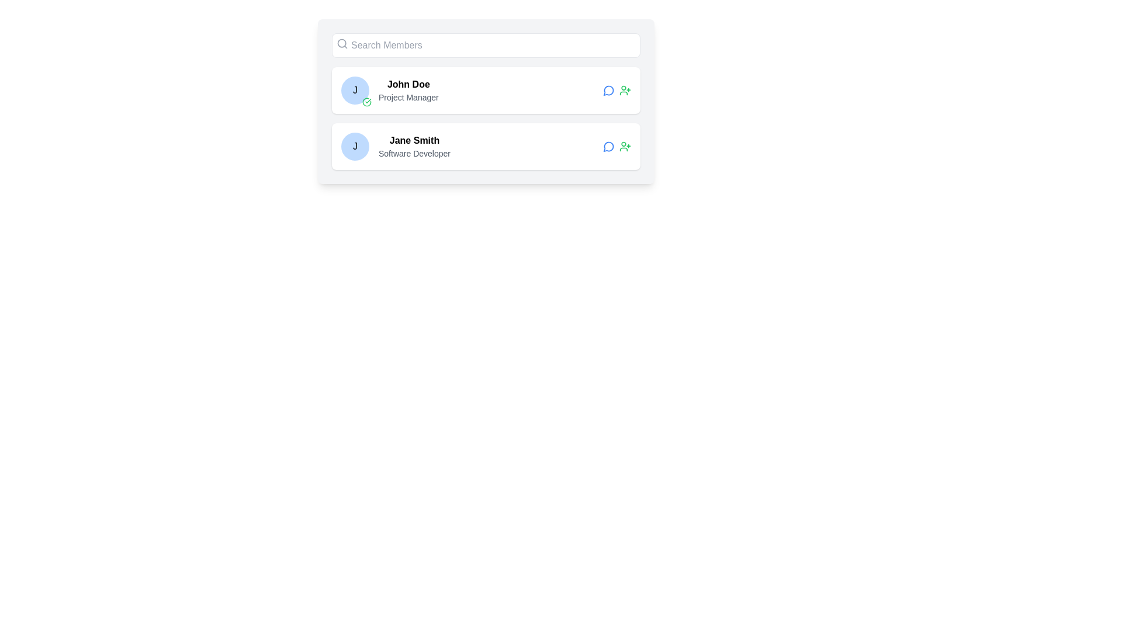 The width and height of the screenshot is (1122, 631). Describe the element at coordinates (625, 145) in the screenshot. I see `the 'user plus' icon next to Jane Smith's profile in the members' list` at that location.